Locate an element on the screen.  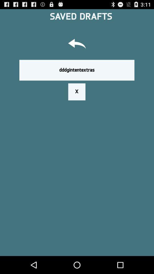
app below saved drafts item is located at coordinates (77, 44).